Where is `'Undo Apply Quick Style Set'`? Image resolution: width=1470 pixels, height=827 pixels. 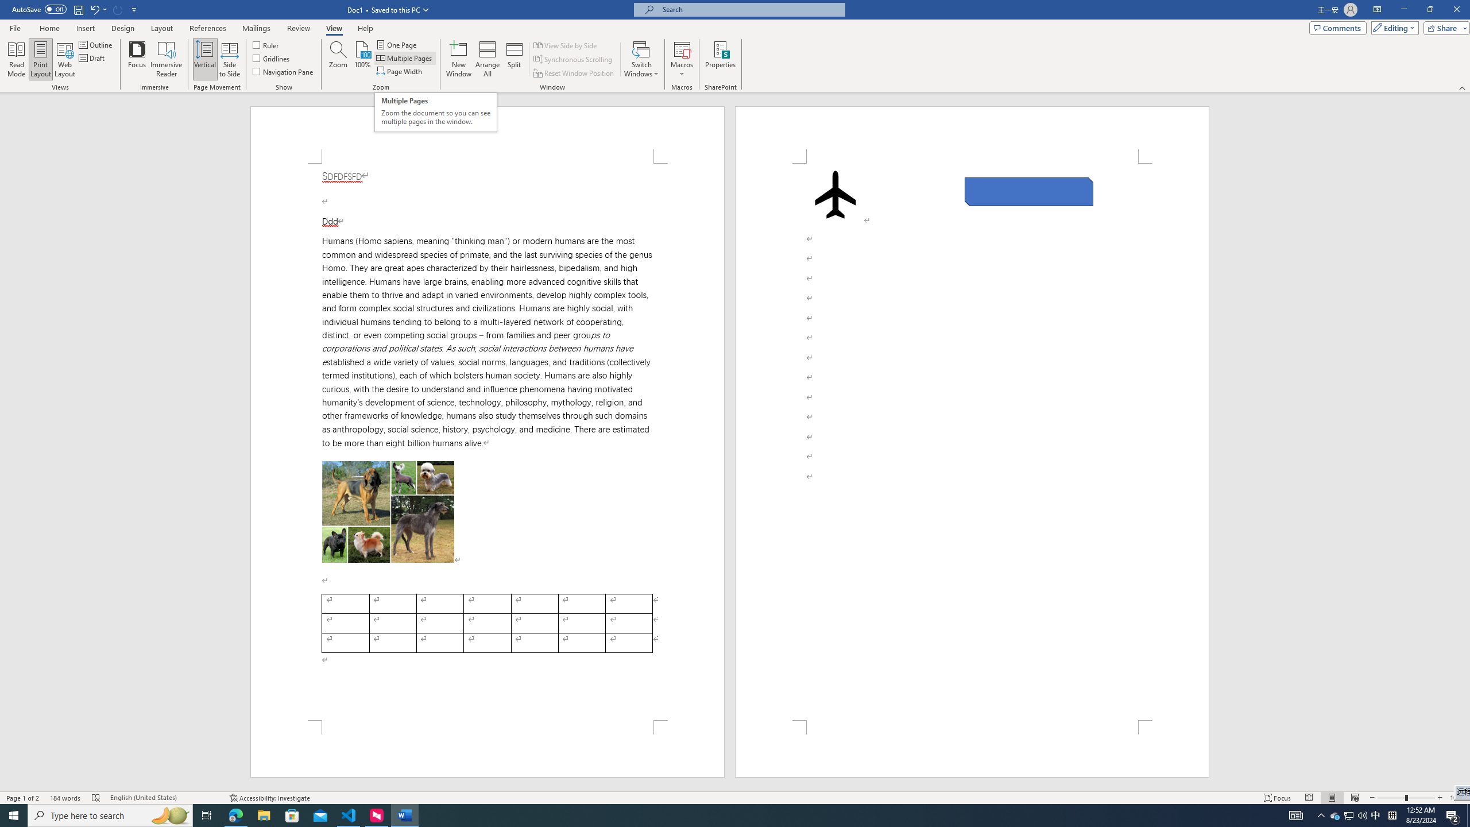
'Undo Apply Quick Style Set' is located at coordinates (98, 9).